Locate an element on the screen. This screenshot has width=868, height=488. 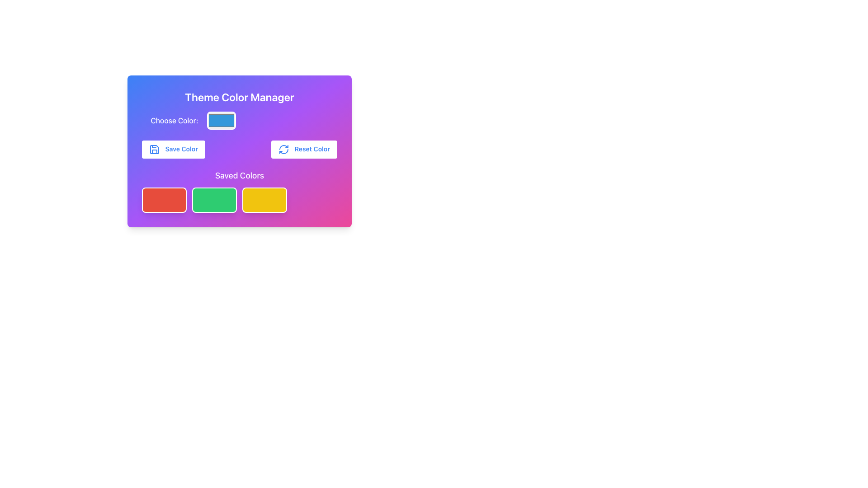
the color picker input field is located at coordinates (221, 120).